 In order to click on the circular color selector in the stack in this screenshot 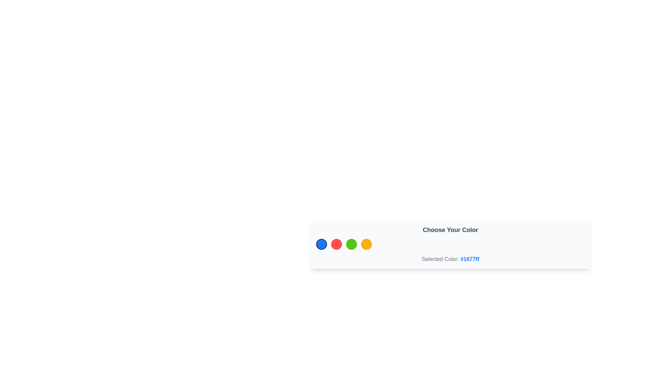, I will do `click(450, 244)`.